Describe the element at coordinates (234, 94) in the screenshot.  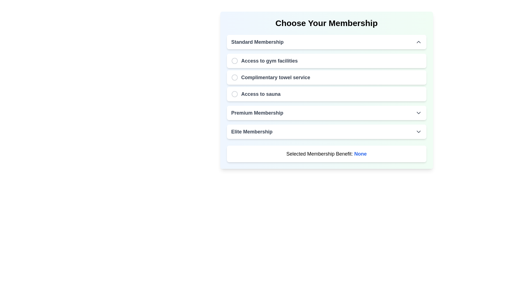
I see `the third radio button in the vertical list` at that location.